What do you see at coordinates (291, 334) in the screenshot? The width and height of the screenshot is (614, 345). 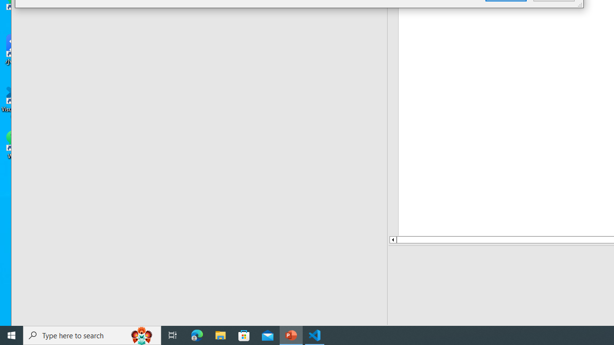 I see `'PowerPoint - 1 running window'` at bounding box center [291, 334].